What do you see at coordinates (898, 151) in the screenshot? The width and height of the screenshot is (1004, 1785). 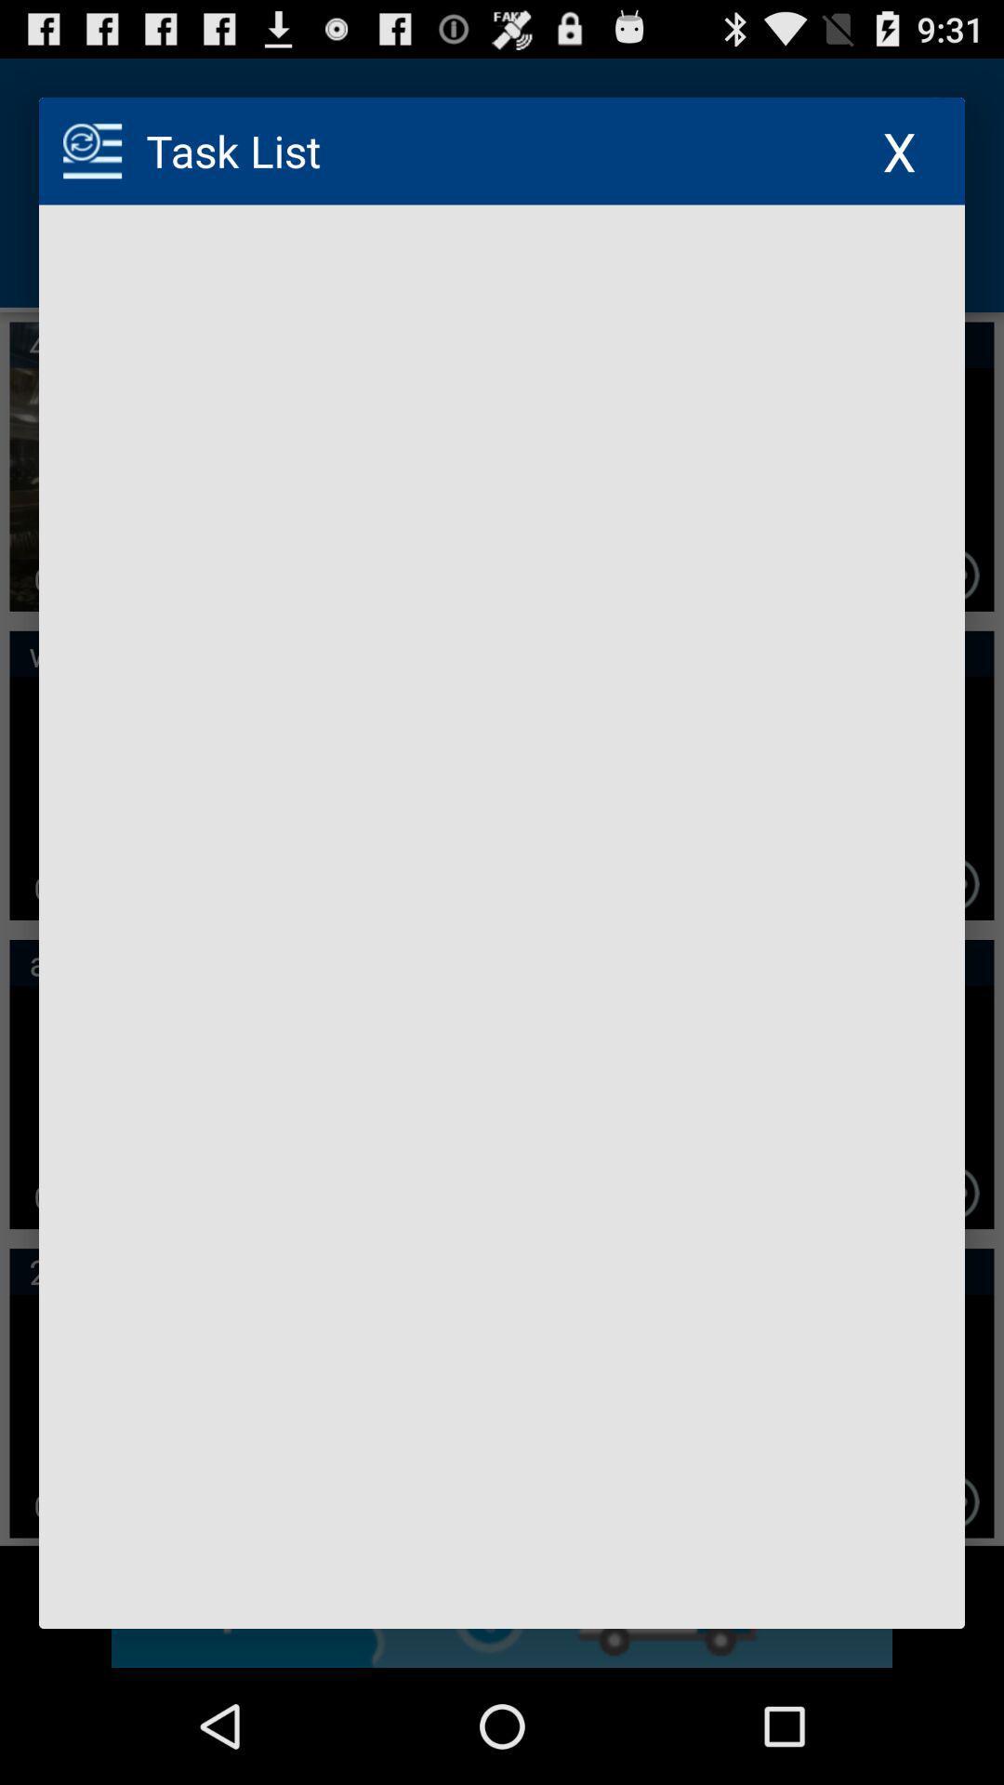 I see `the x icon` at bounding box center [898, 151].